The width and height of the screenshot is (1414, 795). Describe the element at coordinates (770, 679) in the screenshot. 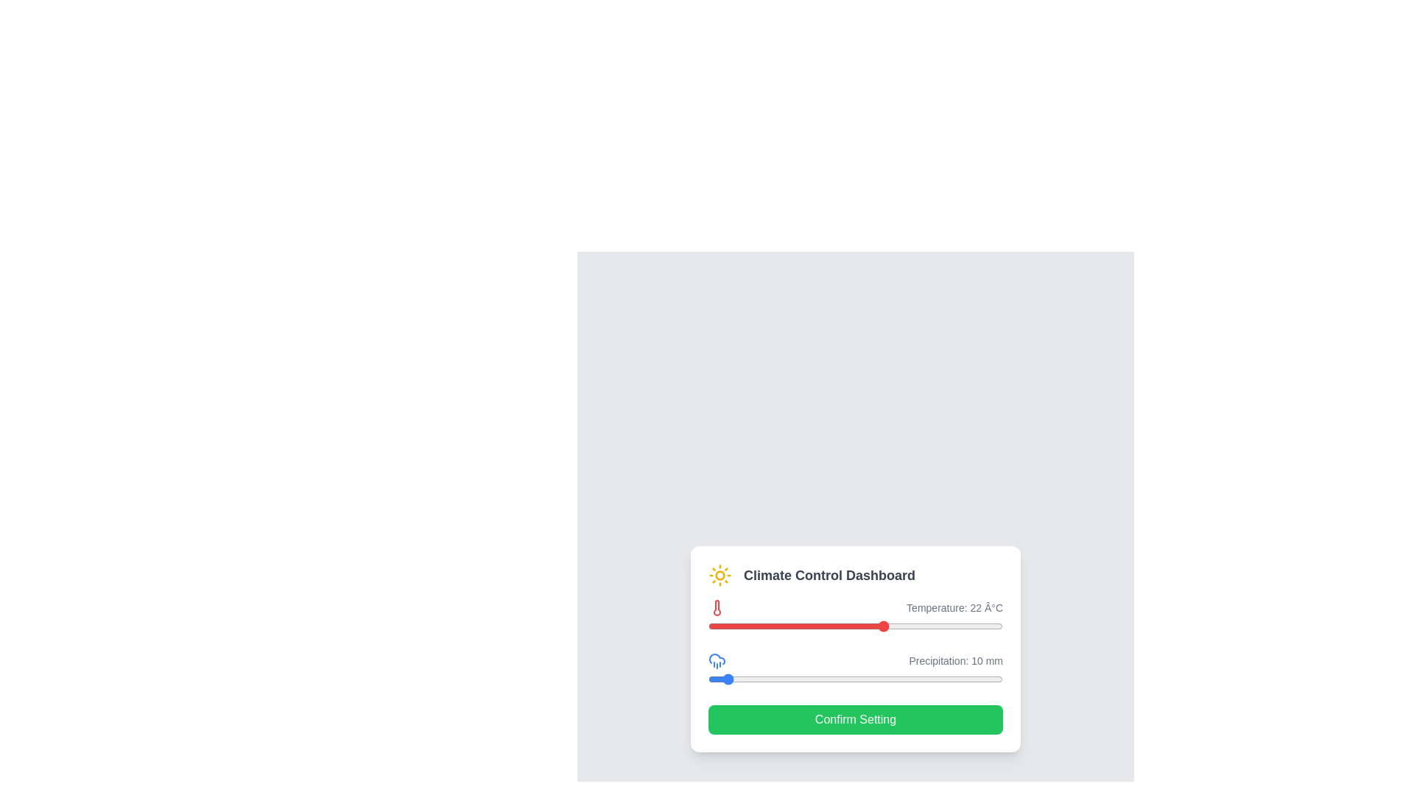

I see `the precipitation slider to 43 mm` at that location.